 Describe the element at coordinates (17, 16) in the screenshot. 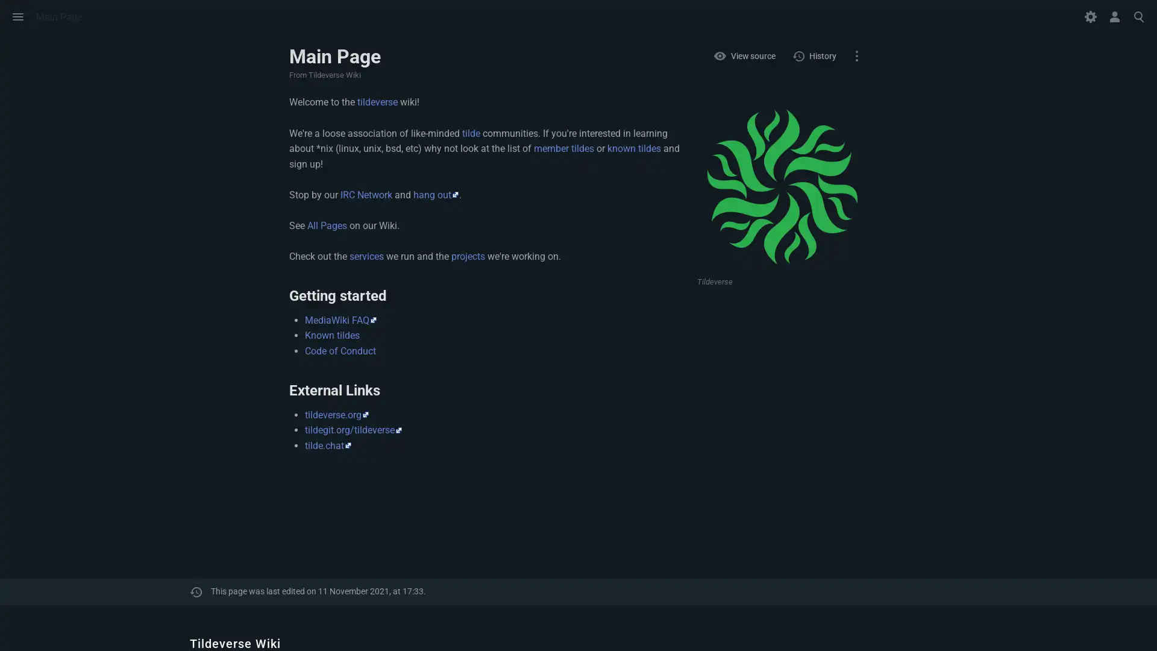

I see `Toggle menu` at that location.